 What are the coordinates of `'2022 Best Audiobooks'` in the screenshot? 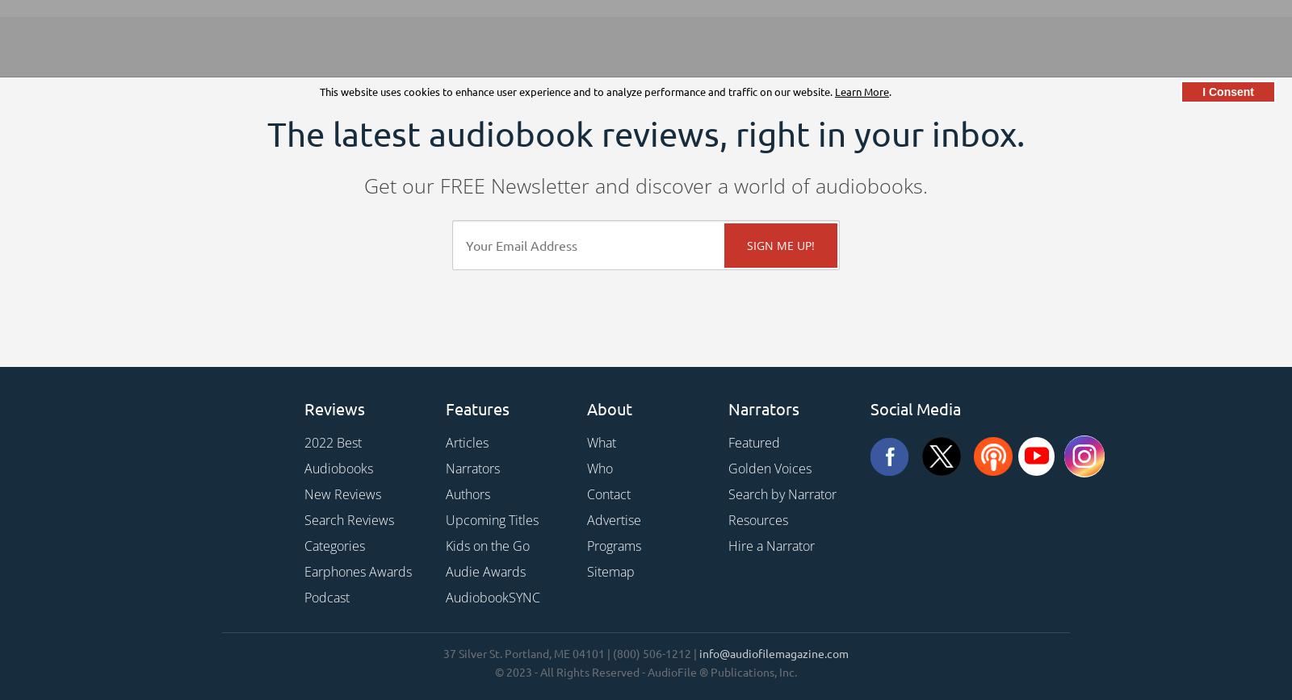 It's located at (338, 455).